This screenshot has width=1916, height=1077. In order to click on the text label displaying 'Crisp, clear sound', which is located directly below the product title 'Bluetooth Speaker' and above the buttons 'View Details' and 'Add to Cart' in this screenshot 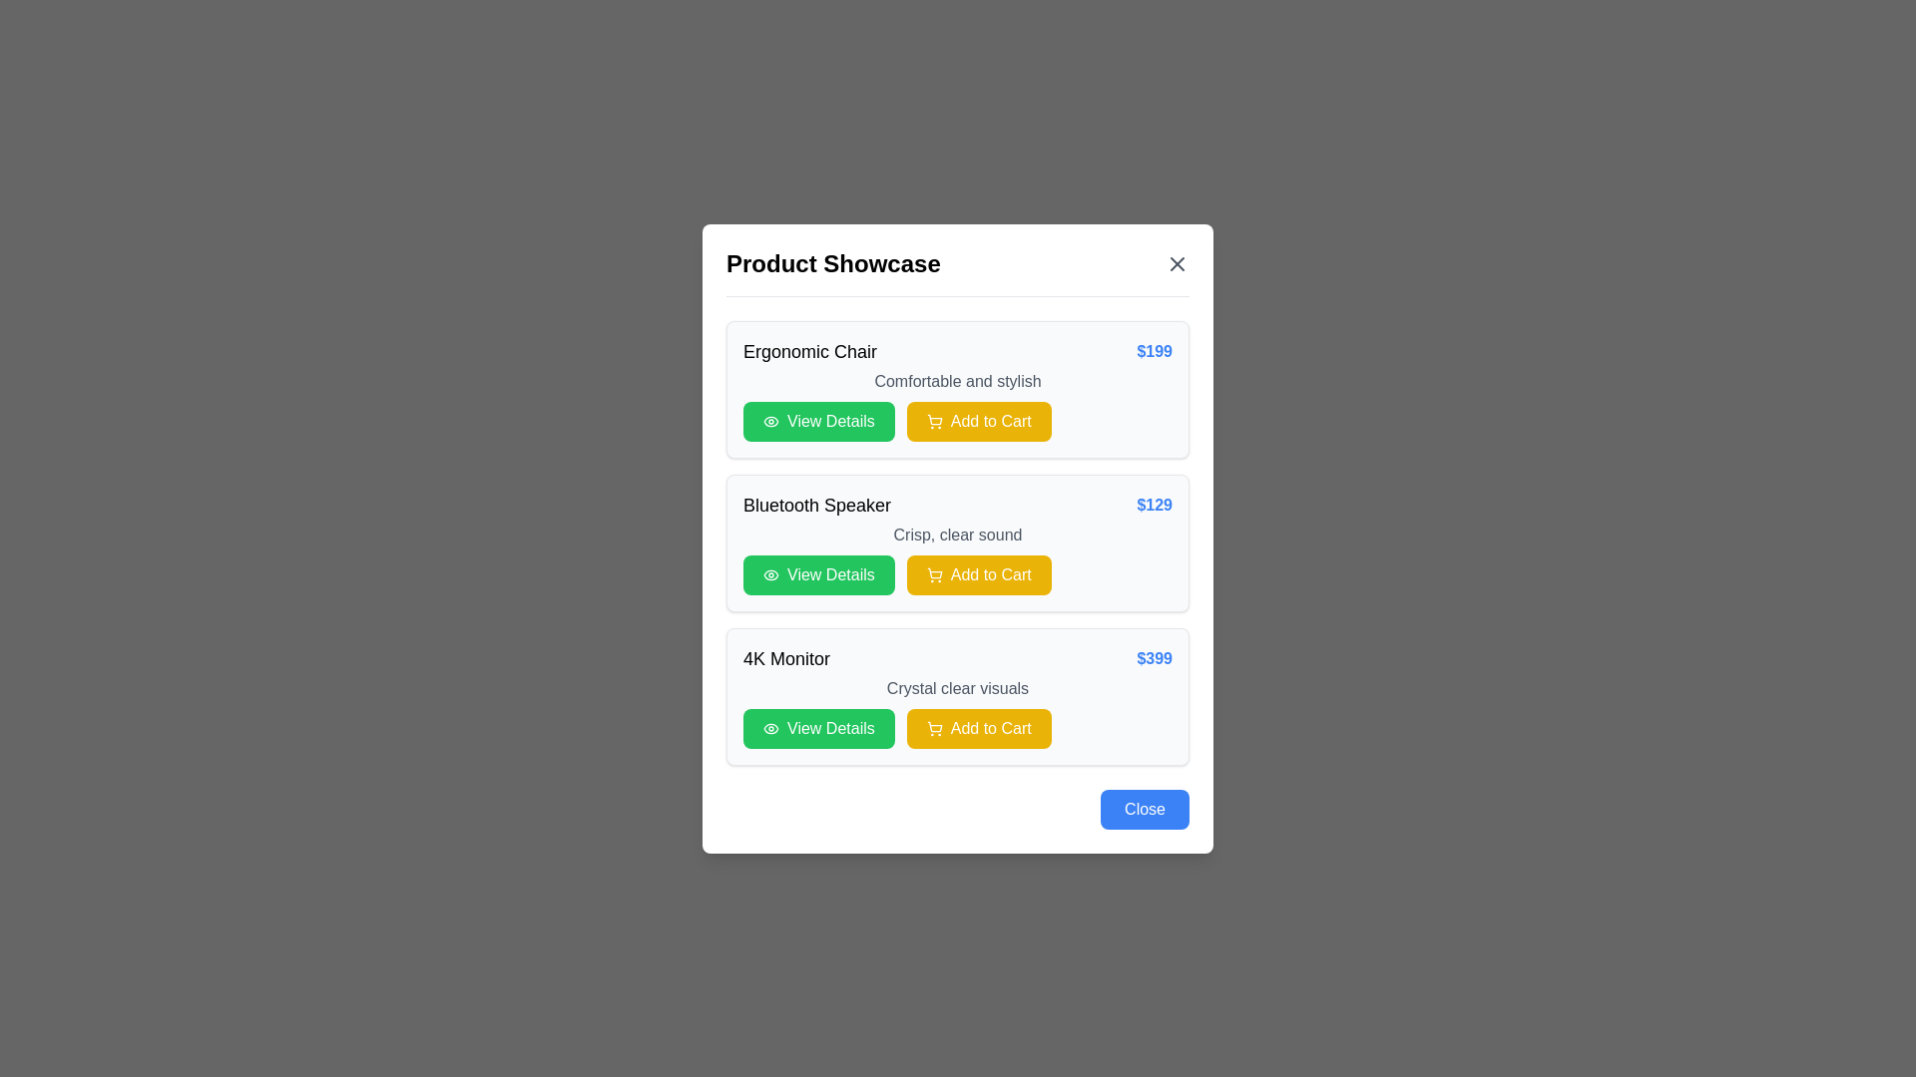, I will do `click(958, 534)`.